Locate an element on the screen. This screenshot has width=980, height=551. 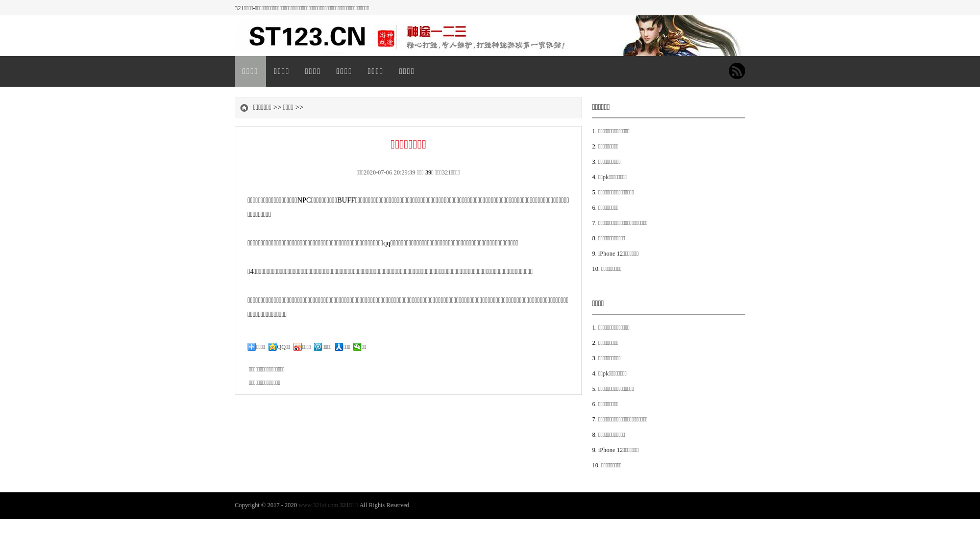
'www.321st.com' is located at coordinates (298, 505).